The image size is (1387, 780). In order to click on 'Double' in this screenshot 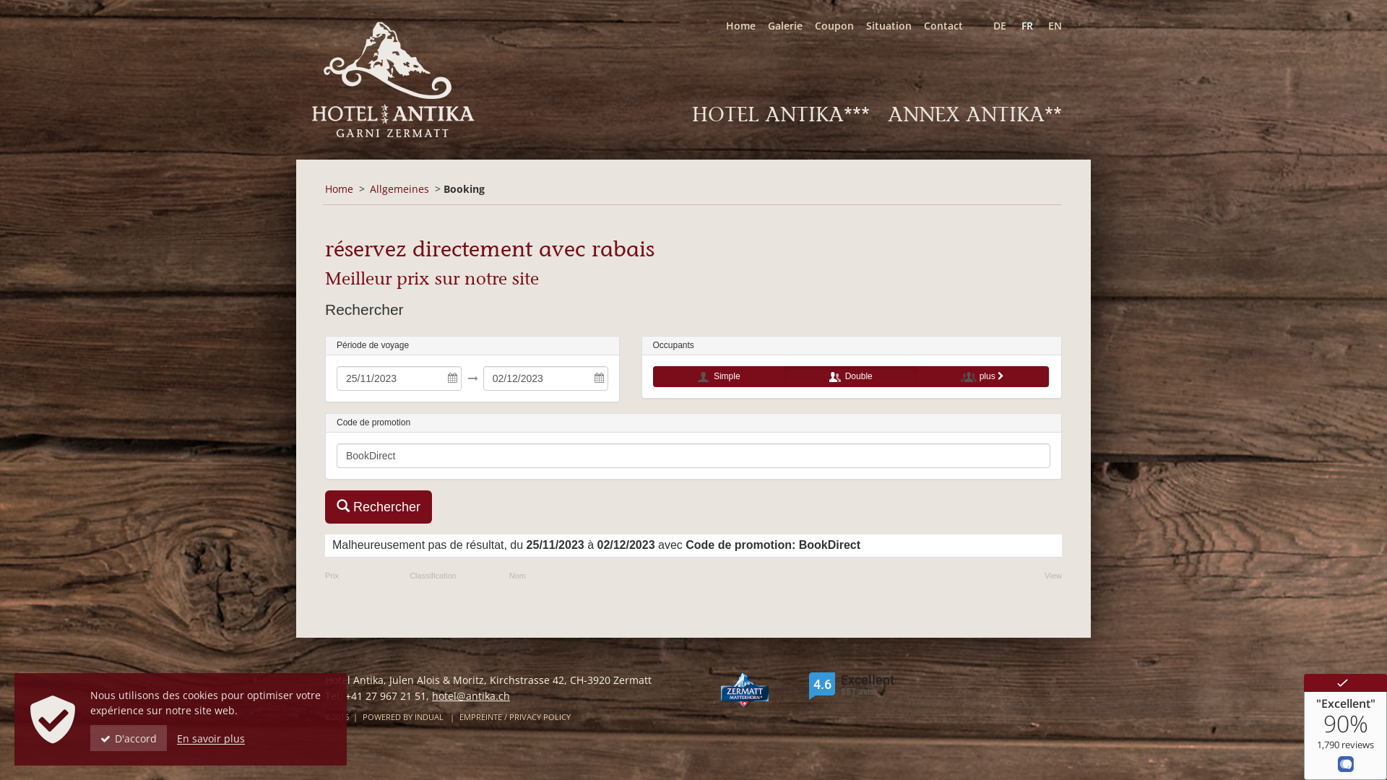, I will do `click(850, 376)`.